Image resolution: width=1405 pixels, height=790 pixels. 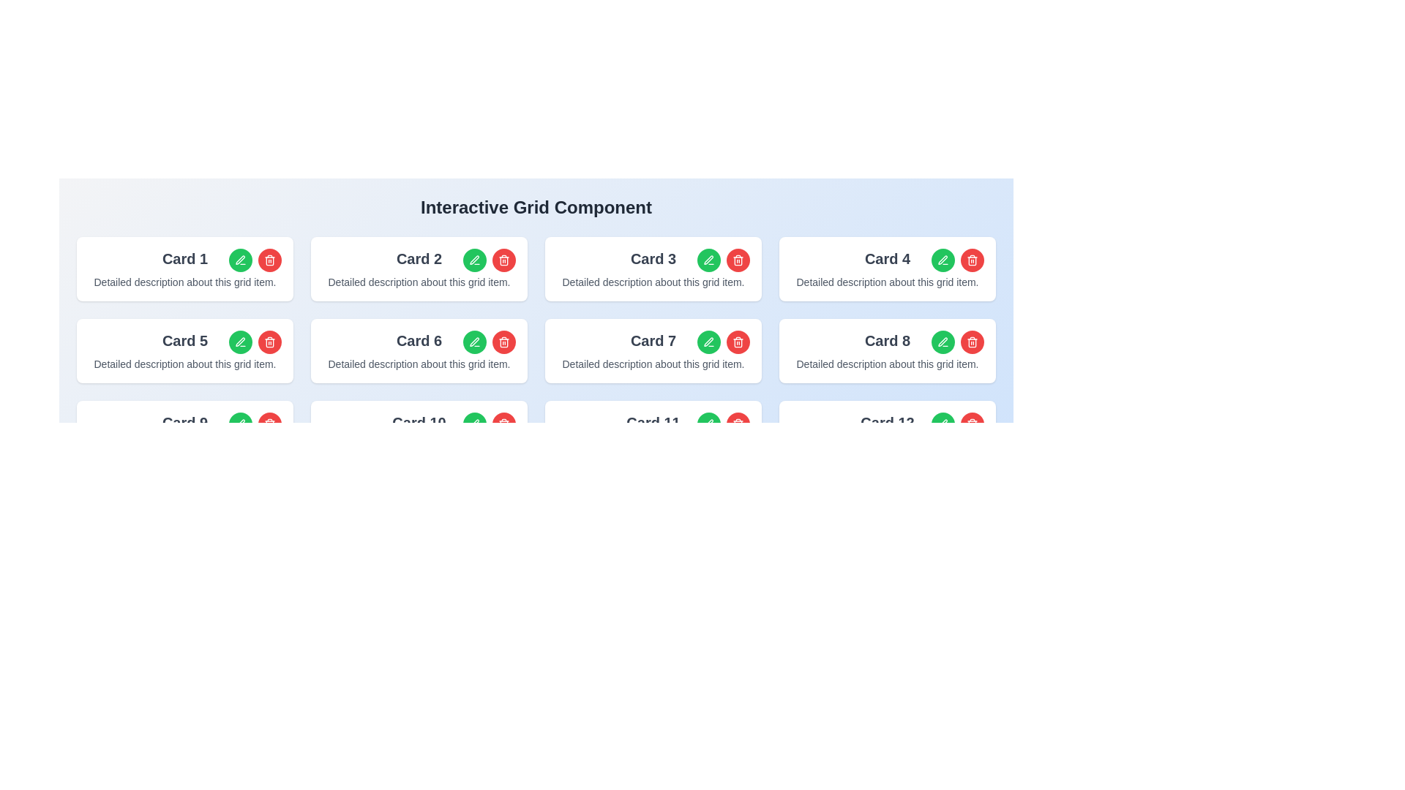 I want to click on the edit pen icon for 'Card 9', which is the leftmost icon in the card's action section, so click(x=241, y=424).